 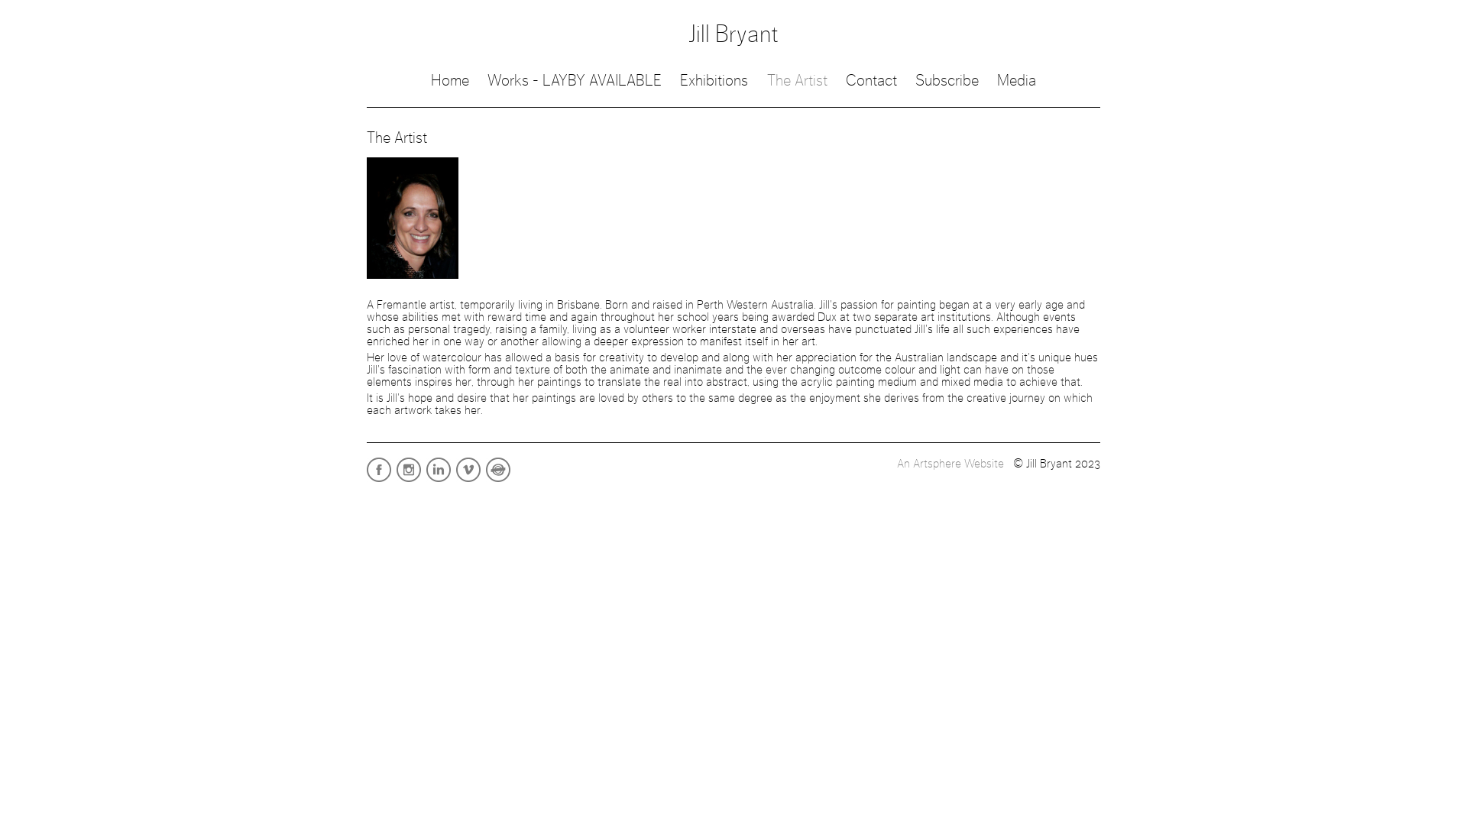 I want to click on 'Vimeo', so click(x=468, y=480).